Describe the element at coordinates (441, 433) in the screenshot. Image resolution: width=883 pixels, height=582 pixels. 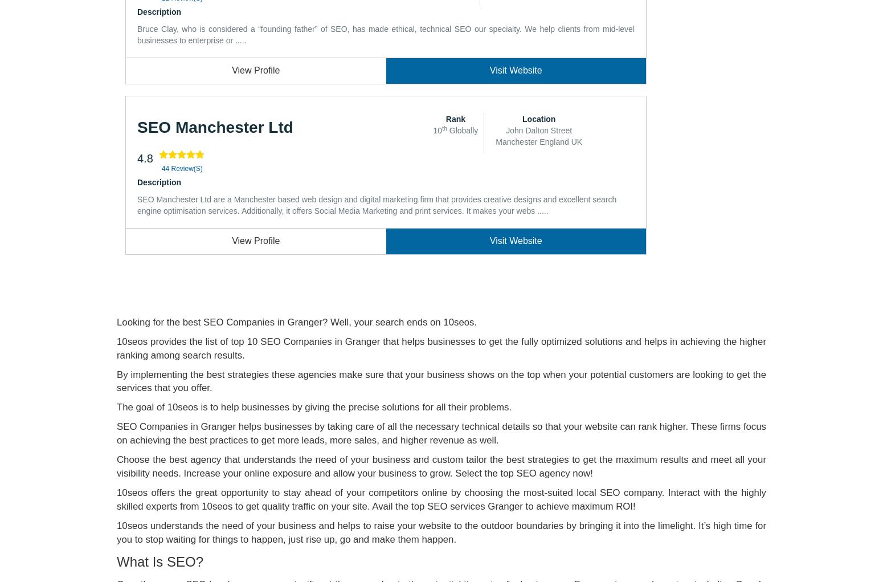
I see `'SEO Companies in Granger helps businesses by taking care of all the necessary technical details so that your website can rank higher. These firms focus on achieving the best practices to get more leads, more sales, and higher revenue as well.'` at that location.